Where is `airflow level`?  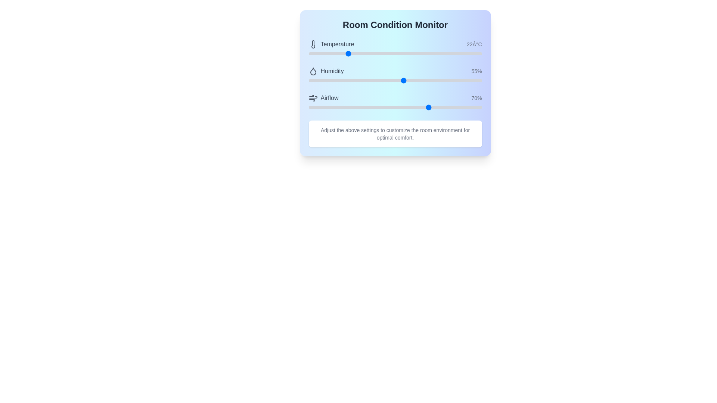 airflow level is located at coordinates (369, 107).